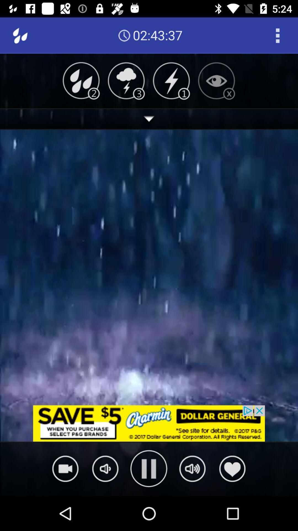 Image resolution: width=298 pixels, height=531 pixels. I want to click on click more, so click(149, 119).